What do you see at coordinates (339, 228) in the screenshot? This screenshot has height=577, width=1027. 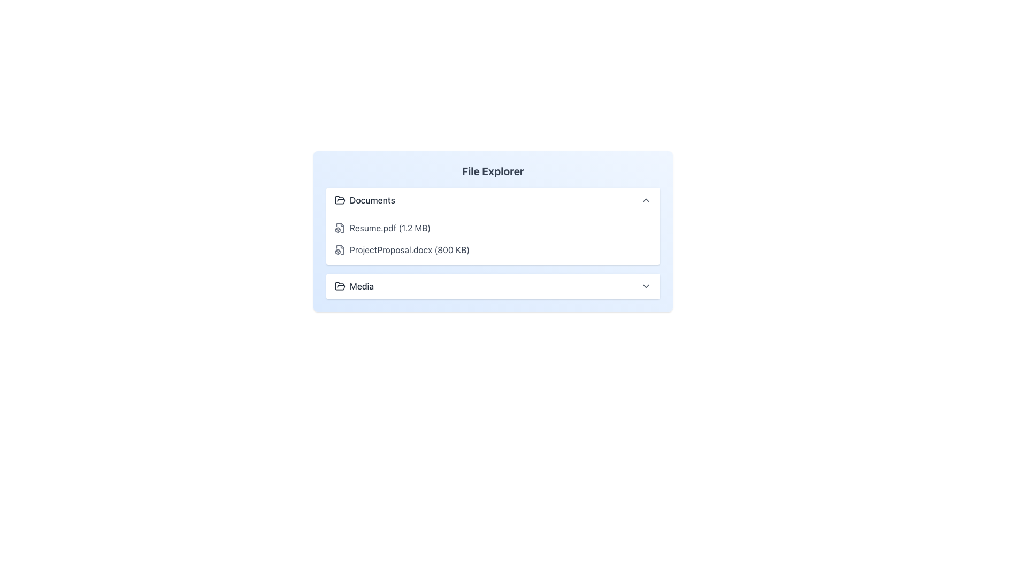 I see `the file type icon representing 'Resume.pdf (1.2 MB)' which is positioned to the left of the text in the Documents folder` at bounding box center [339, 228].